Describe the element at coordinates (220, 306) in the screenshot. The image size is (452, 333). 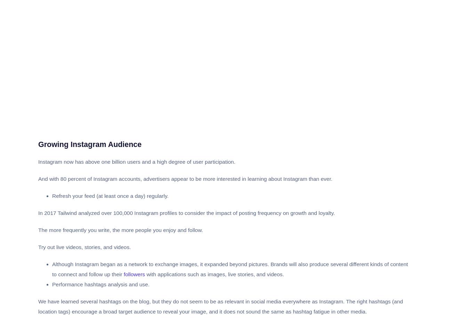
I see `'We have learned several hashtags on the blog, but they do not seem to be as relevant in social media everywhere as Instagram. The right hashtags (and location tags) encourage a broad target audience to reveal your image, and it does not sound the same as hashtag fatigue in other media.'` at that location.